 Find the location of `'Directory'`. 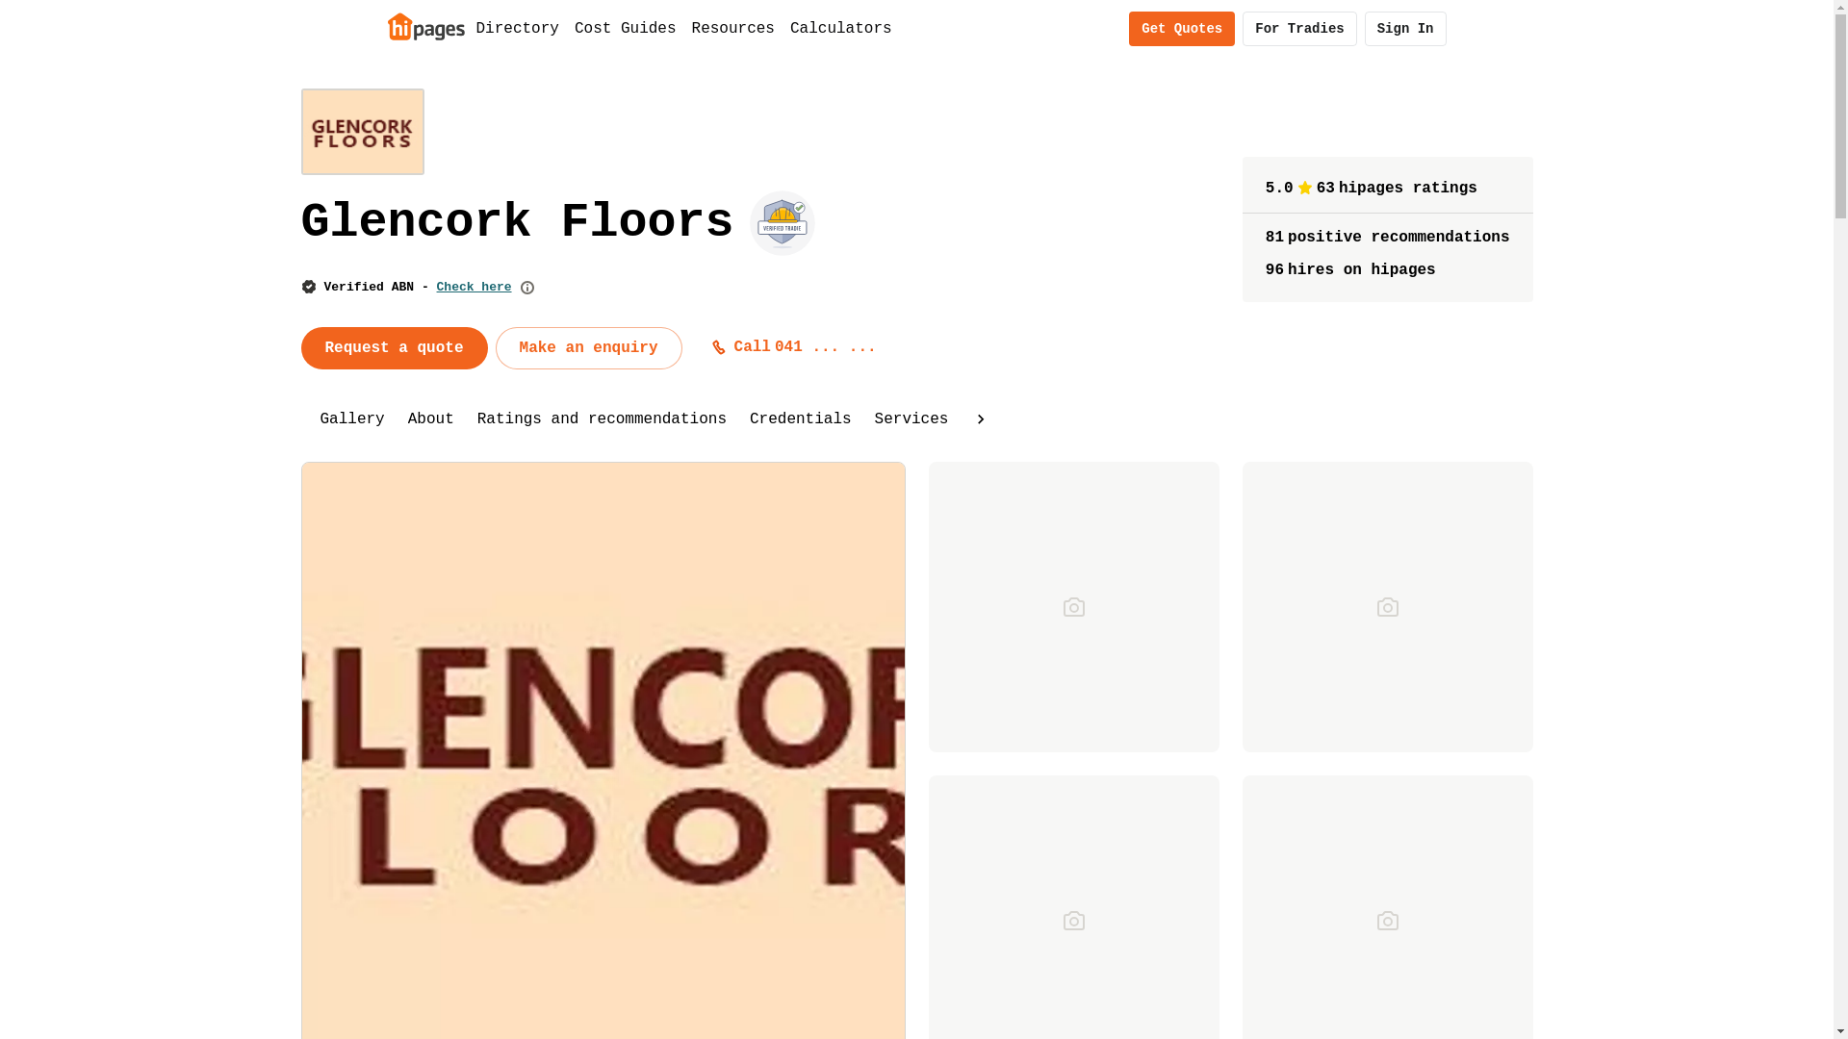

'Directory' is located at coordinates (517, 29).